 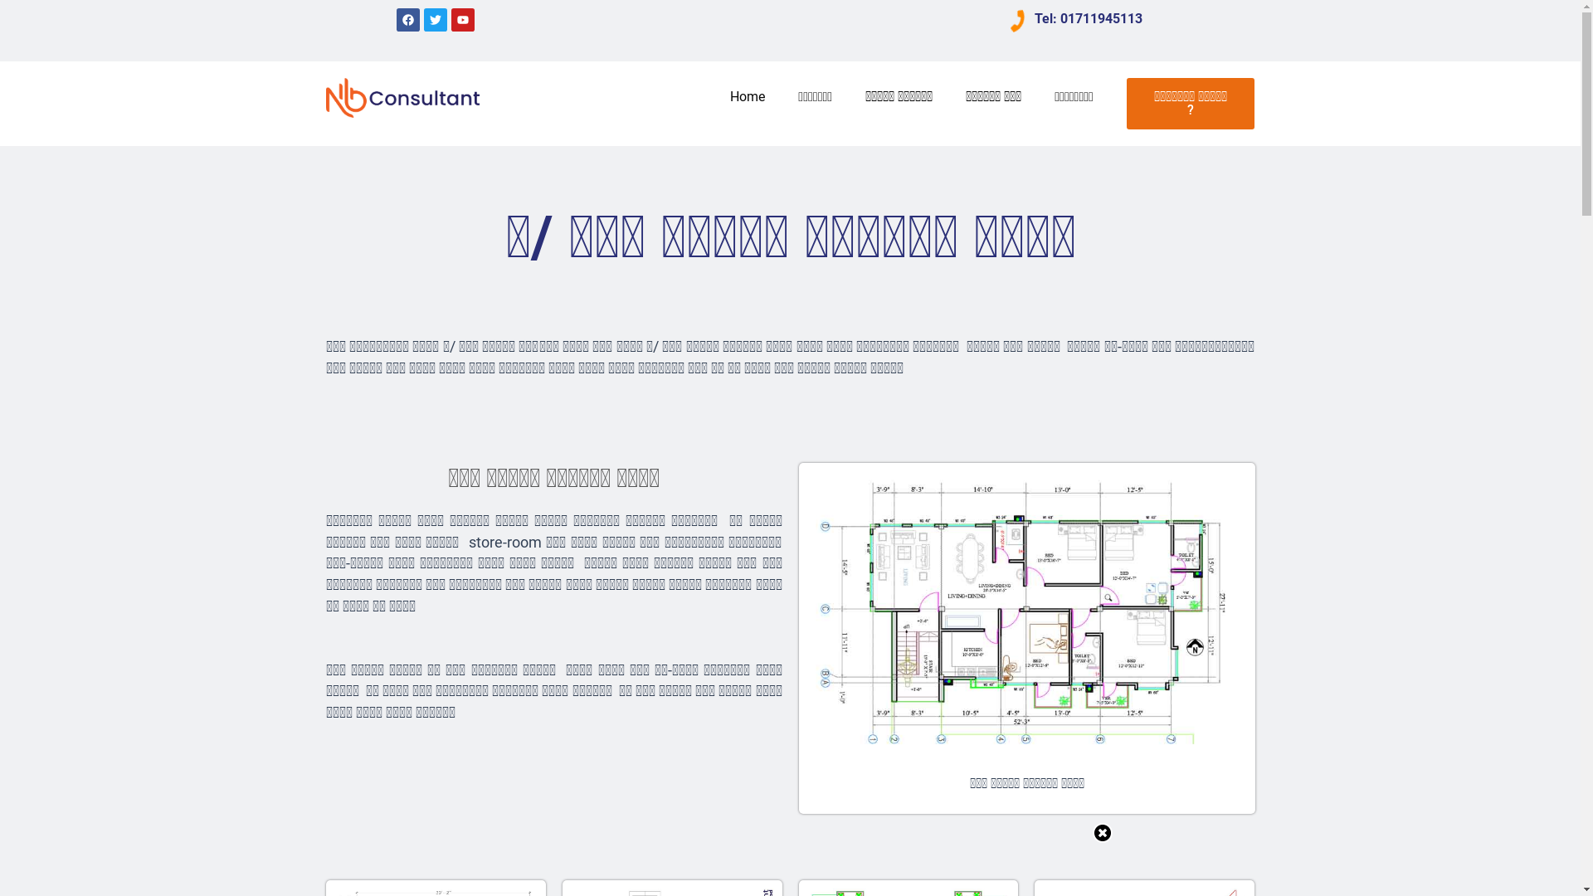 I want to click on 'Youtube', so click(x=462, y=19).